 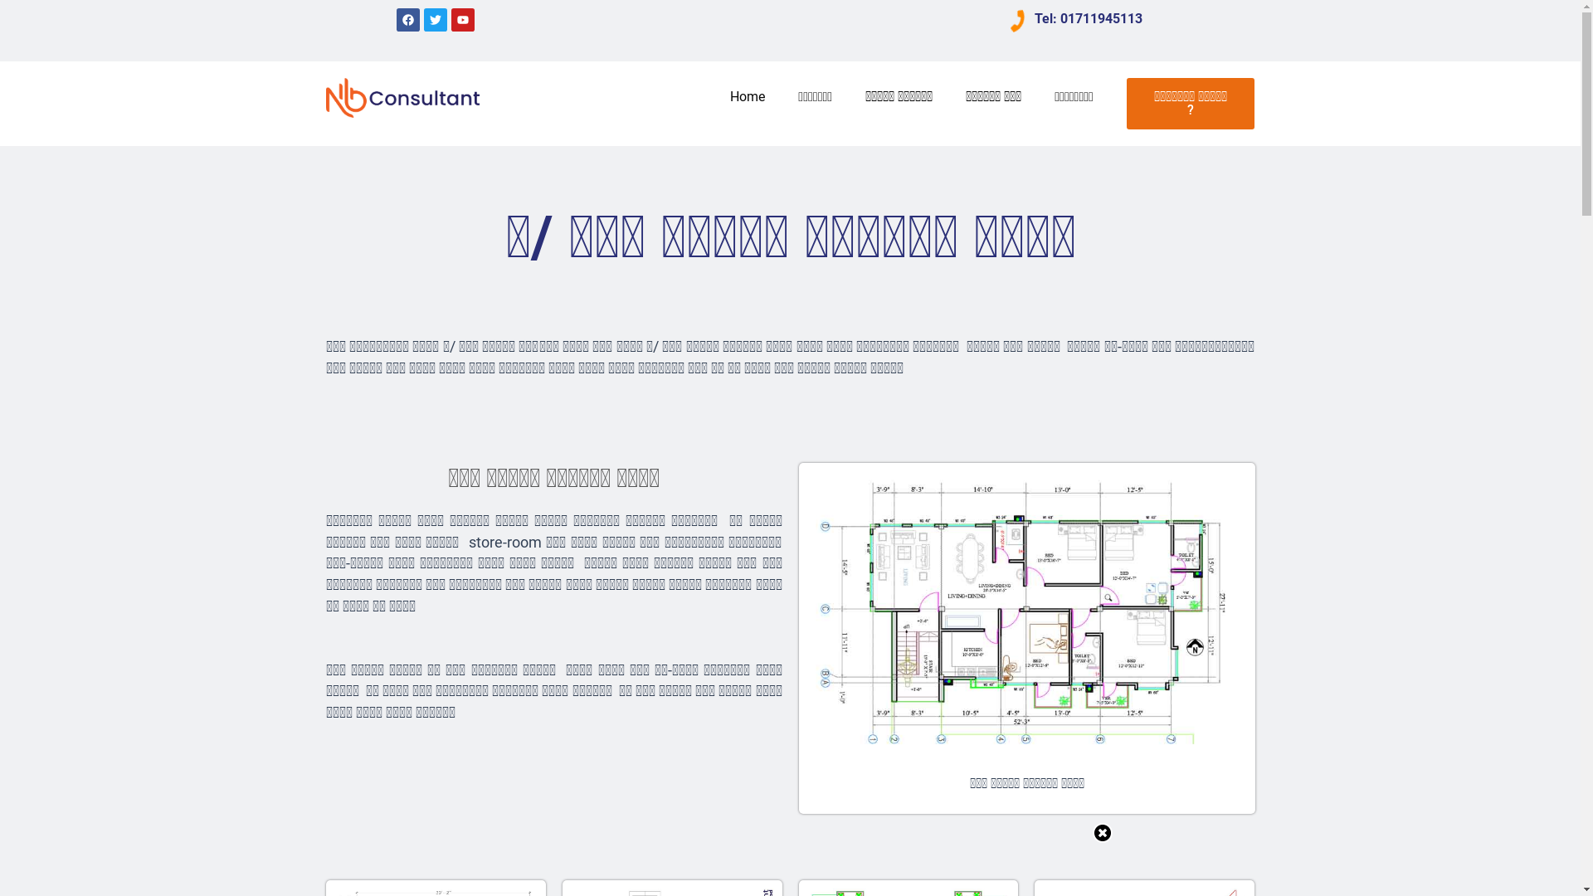 I want to click on 'Youtube', so click(x=462, y=19).